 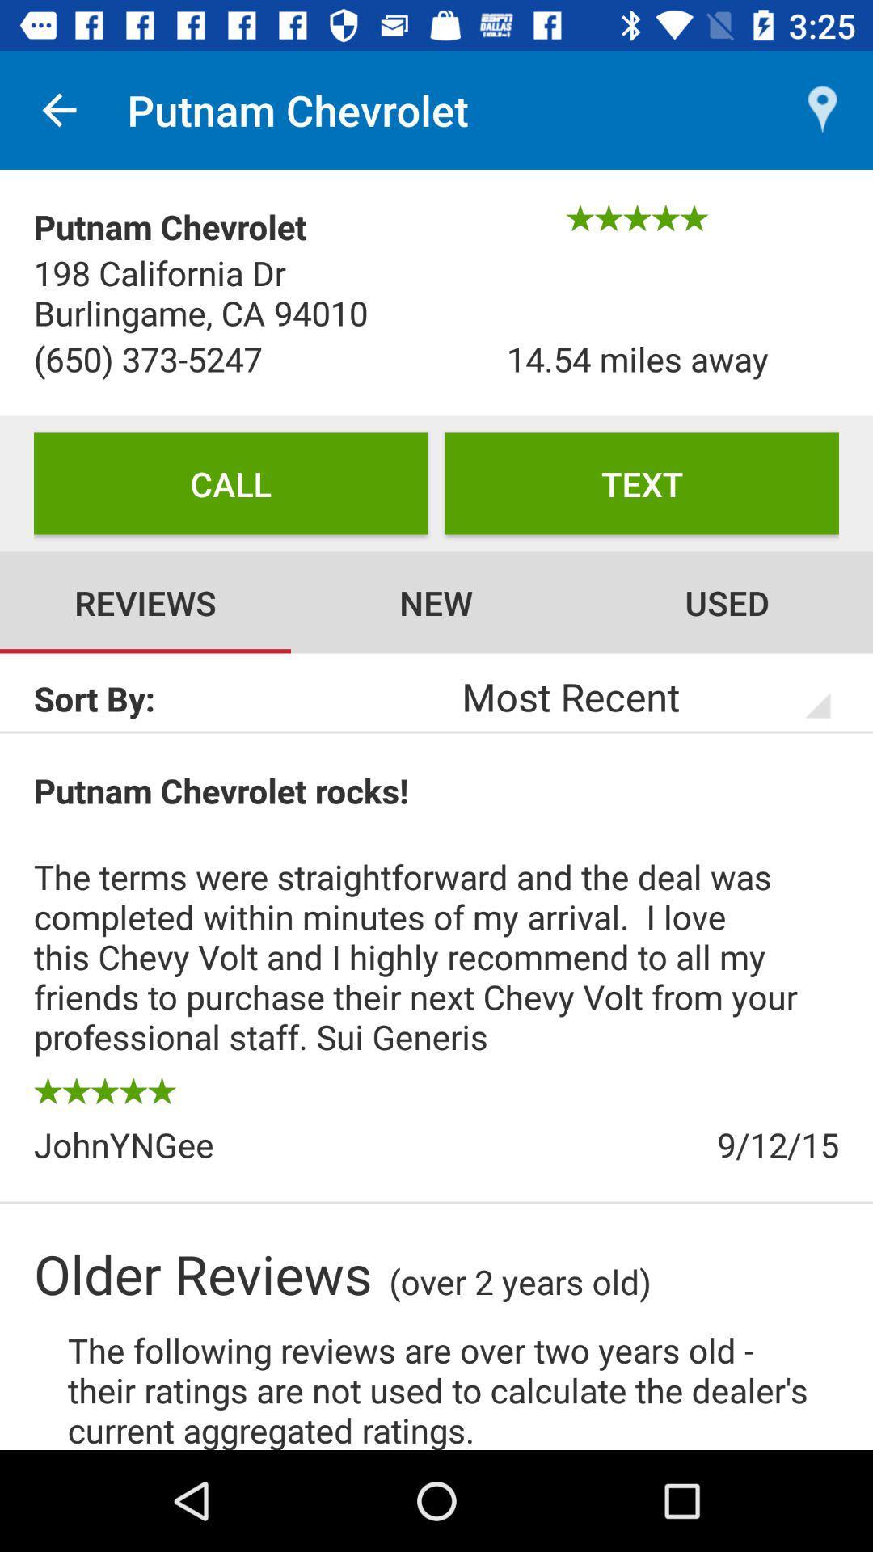 What do you see at coordinates (58, 109) in the screenshot?
I see `the item next to the putnam chevrolet icon` at bounding box center [58, 109].